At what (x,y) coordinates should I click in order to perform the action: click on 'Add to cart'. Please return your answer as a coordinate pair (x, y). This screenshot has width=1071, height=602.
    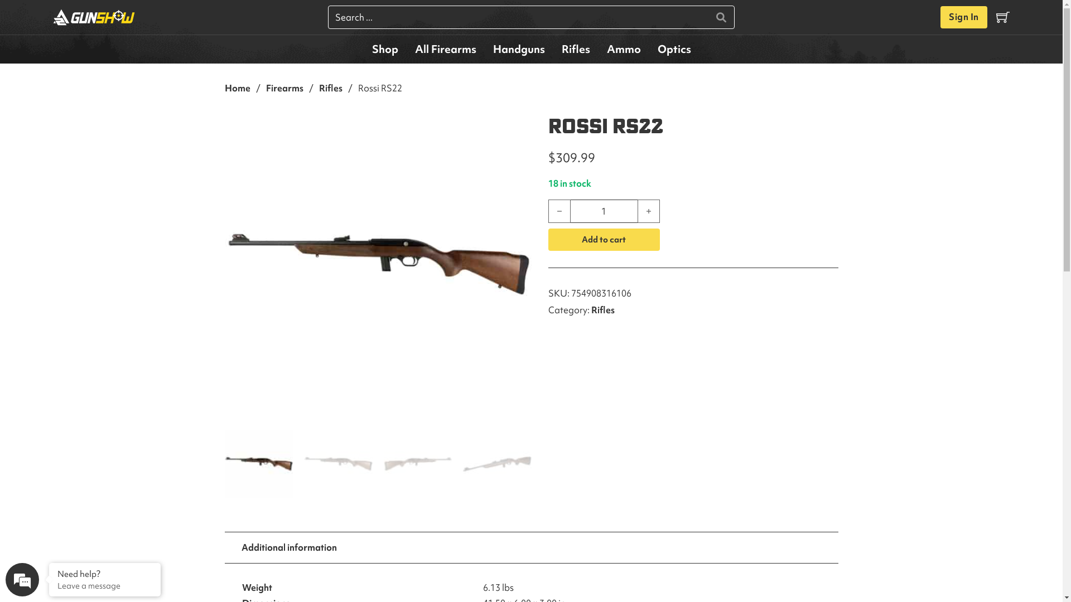
    Looking at the image, I should click on (602, 239).